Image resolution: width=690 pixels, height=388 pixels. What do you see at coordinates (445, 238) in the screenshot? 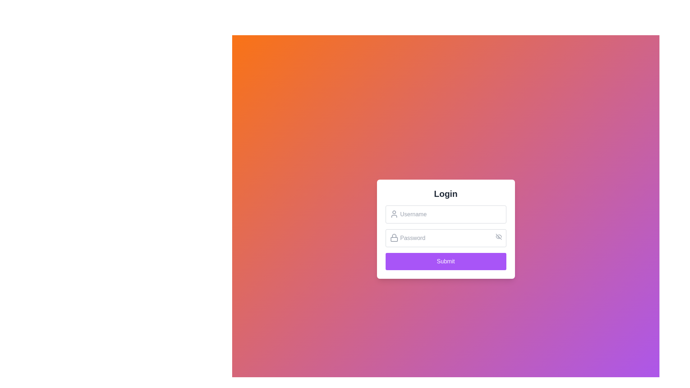
I see `the password input field located below the username input field in the login form to focus on it` at bounding box center [445, 238].